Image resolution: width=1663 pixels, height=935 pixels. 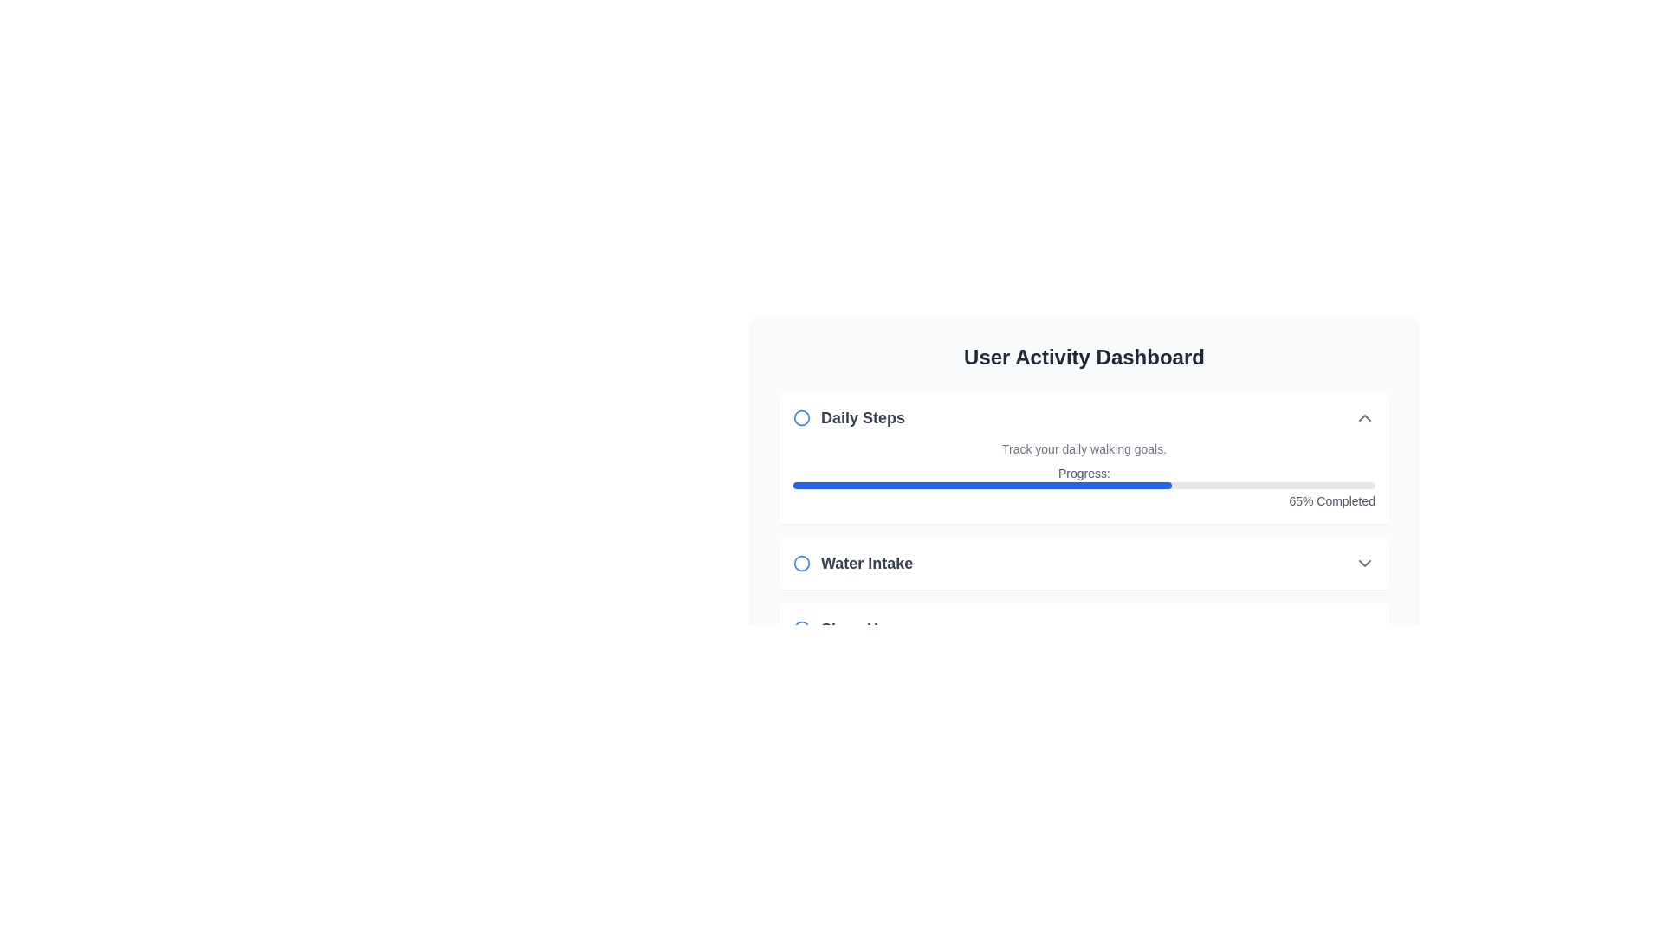 What do you see at coordinates (1084, 485) in the screenshot?
I see `the horizontal progress bar with a rounded gray background and blue filled portion, located below the text 'Progress:' and above '65% Completed' in the 'Daily Steps' card of the User Activity Dashboard` at bounding box center [1084, 485].